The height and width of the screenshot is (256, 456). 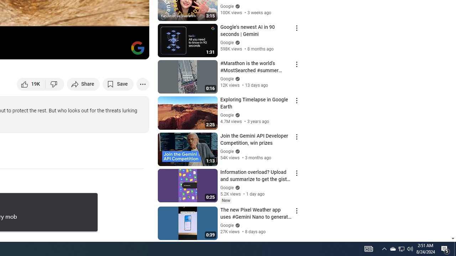 What do you see at coordinates (102, 50) in the screenshot?
I see `'Miniplayer (i)'` at bounding box center [102, 50].